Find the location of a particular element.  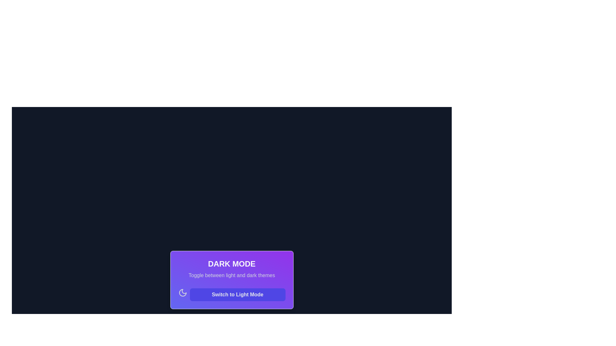

the 'Switch to Light Mode' button with a deep purple background and white text for keyboard navigation is located at coordinates (231, 293).